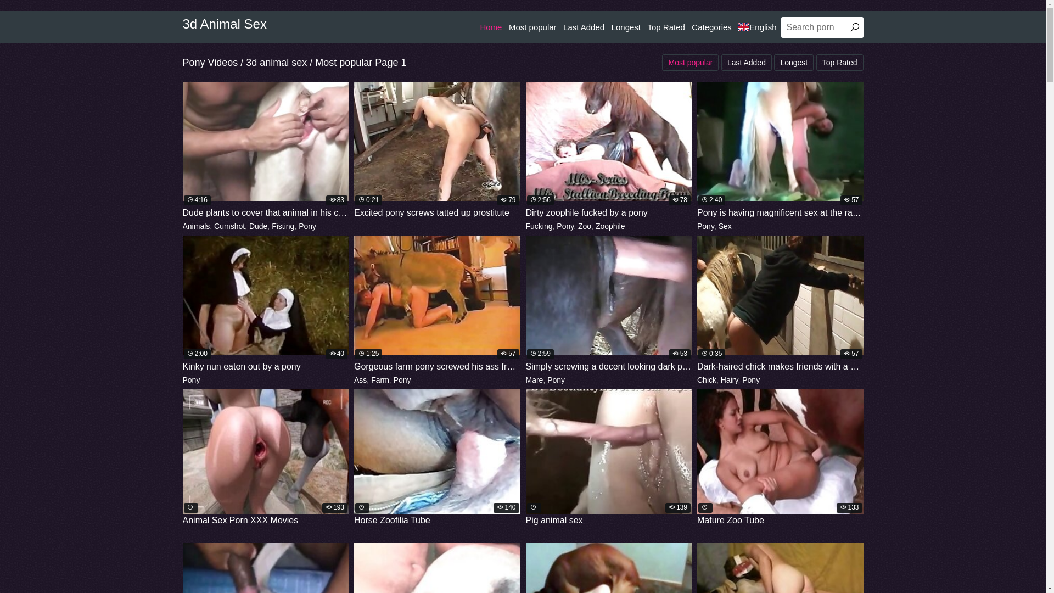 This screenshot has width=1054, height=593. I want to click on 'Sex', so click(725, 226).